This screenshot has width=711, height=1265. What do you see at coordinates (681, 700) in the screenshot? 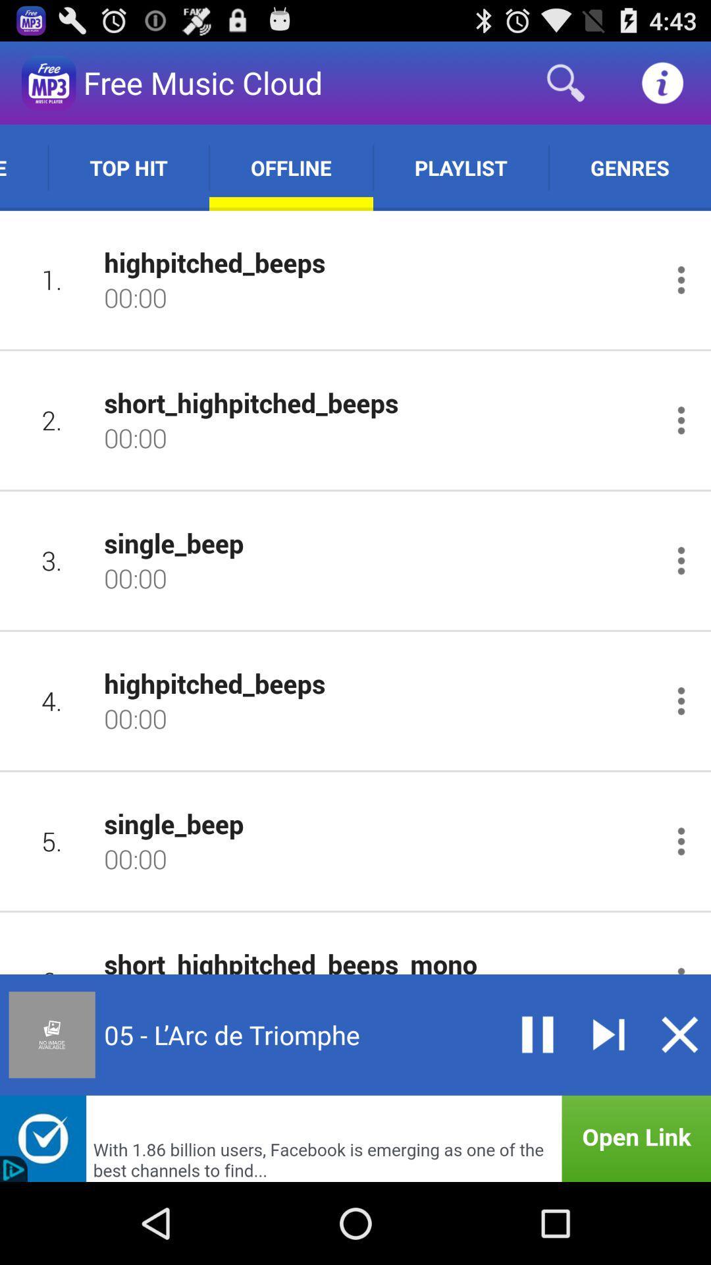
I see `options` at bounding box center [681, 700].